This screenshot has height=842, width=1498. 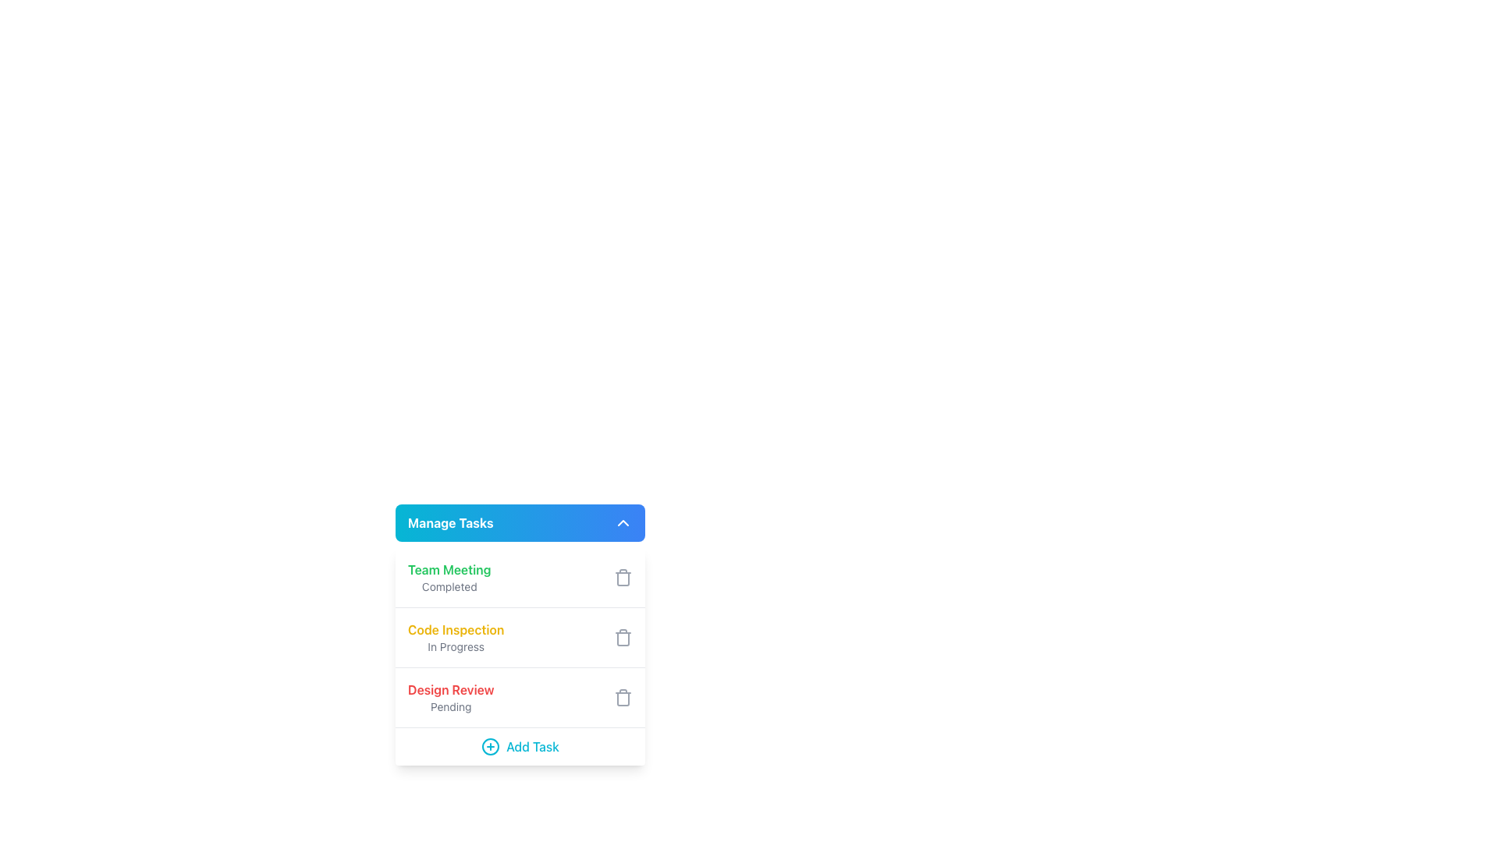 What do you see at coordinates (520, 634) in the screenshot?
I see `the list item displaying the task name 'Code Inspection' and its status 'In Progress'` at bounding box center [520, 634].